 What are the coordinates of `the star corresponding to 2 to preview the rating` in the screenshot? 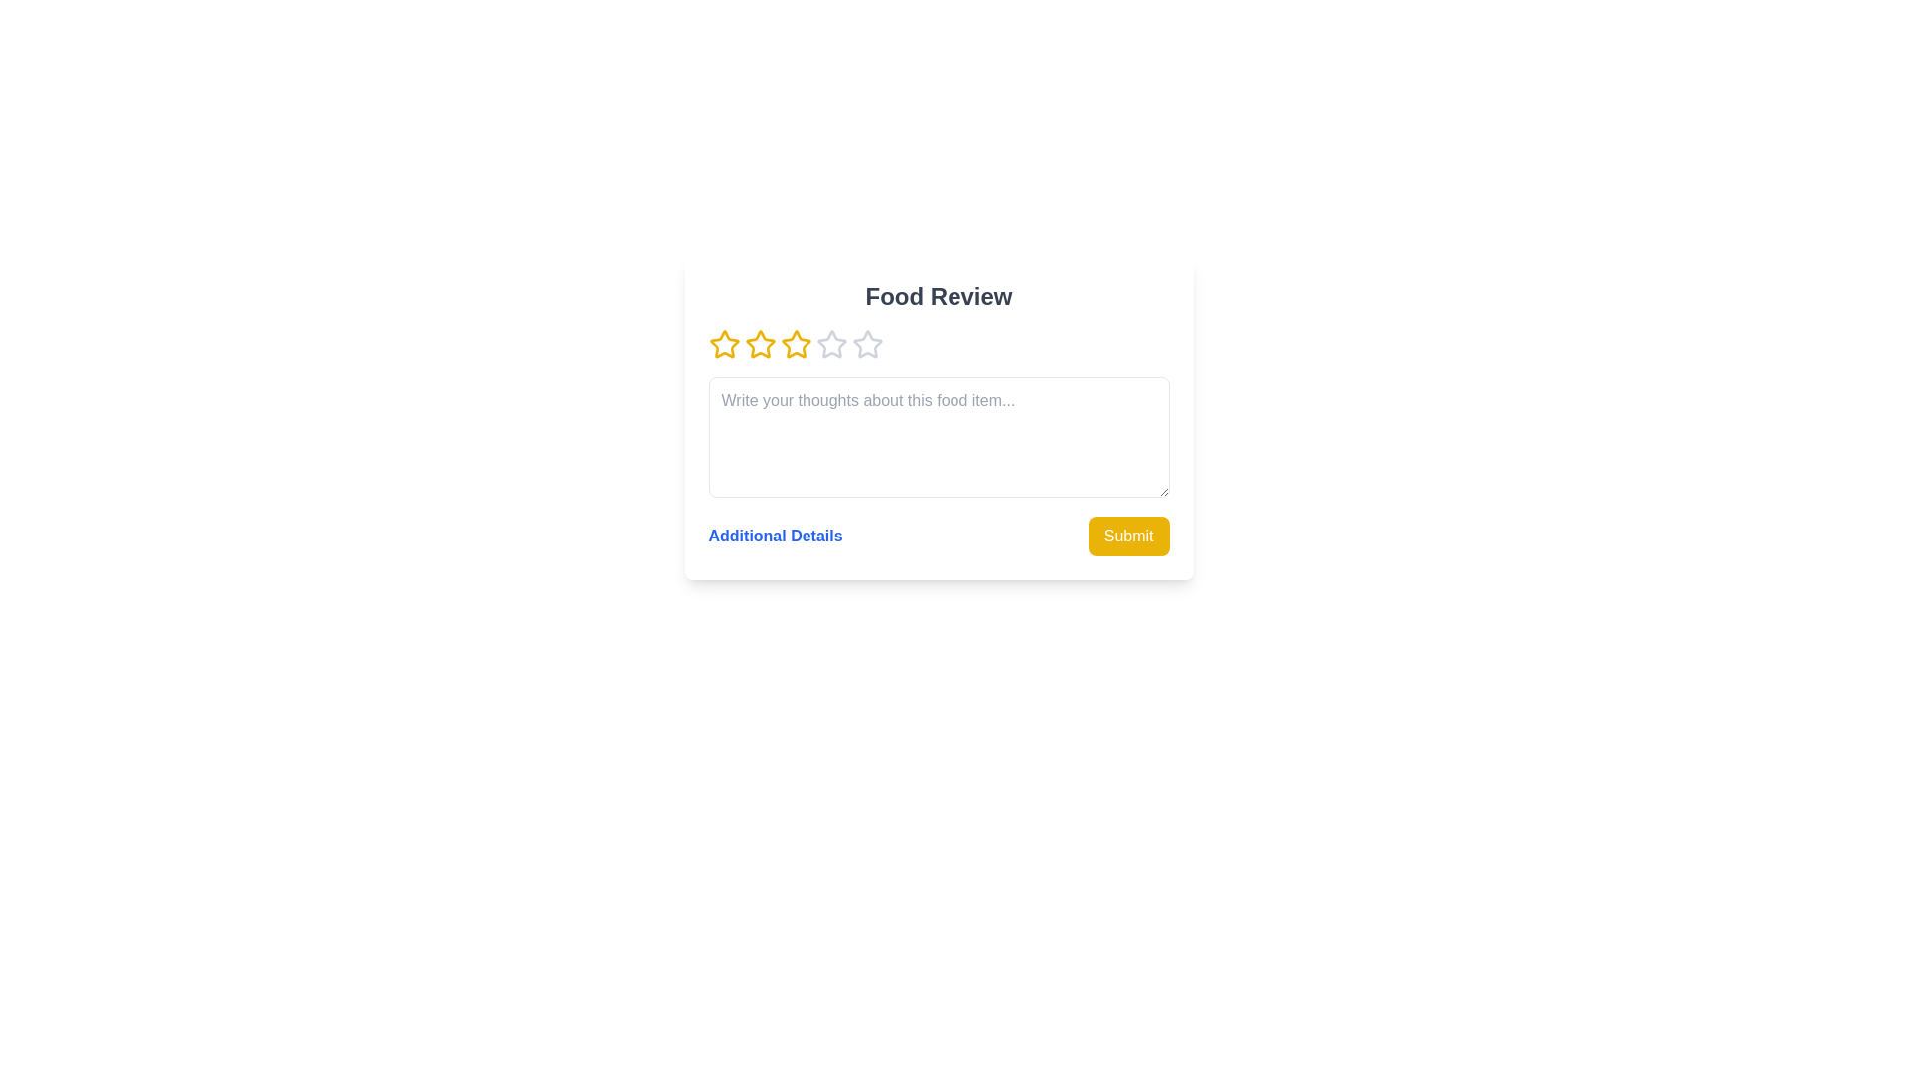 It's located at (759, 344).